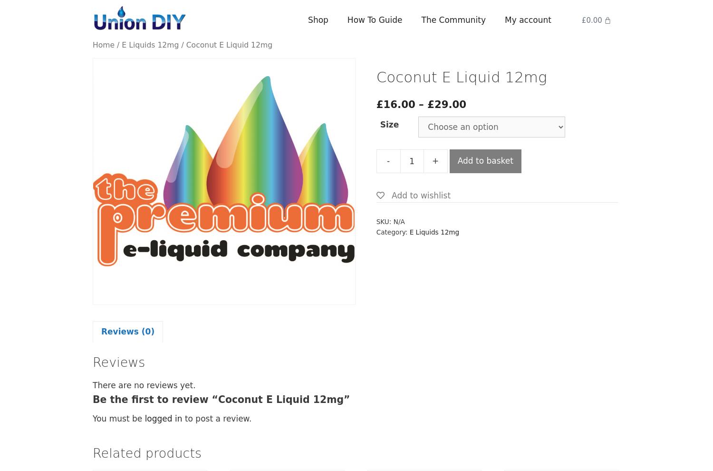 The image size is (713, 471). I want to click on 'Add to wishlist', so click(421, 194).